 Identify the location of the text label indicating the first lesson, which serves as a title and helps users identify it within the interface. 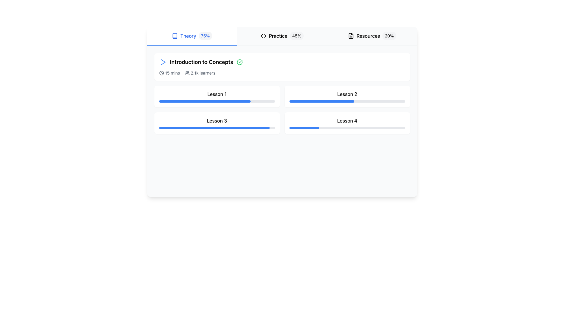
(217, 94).